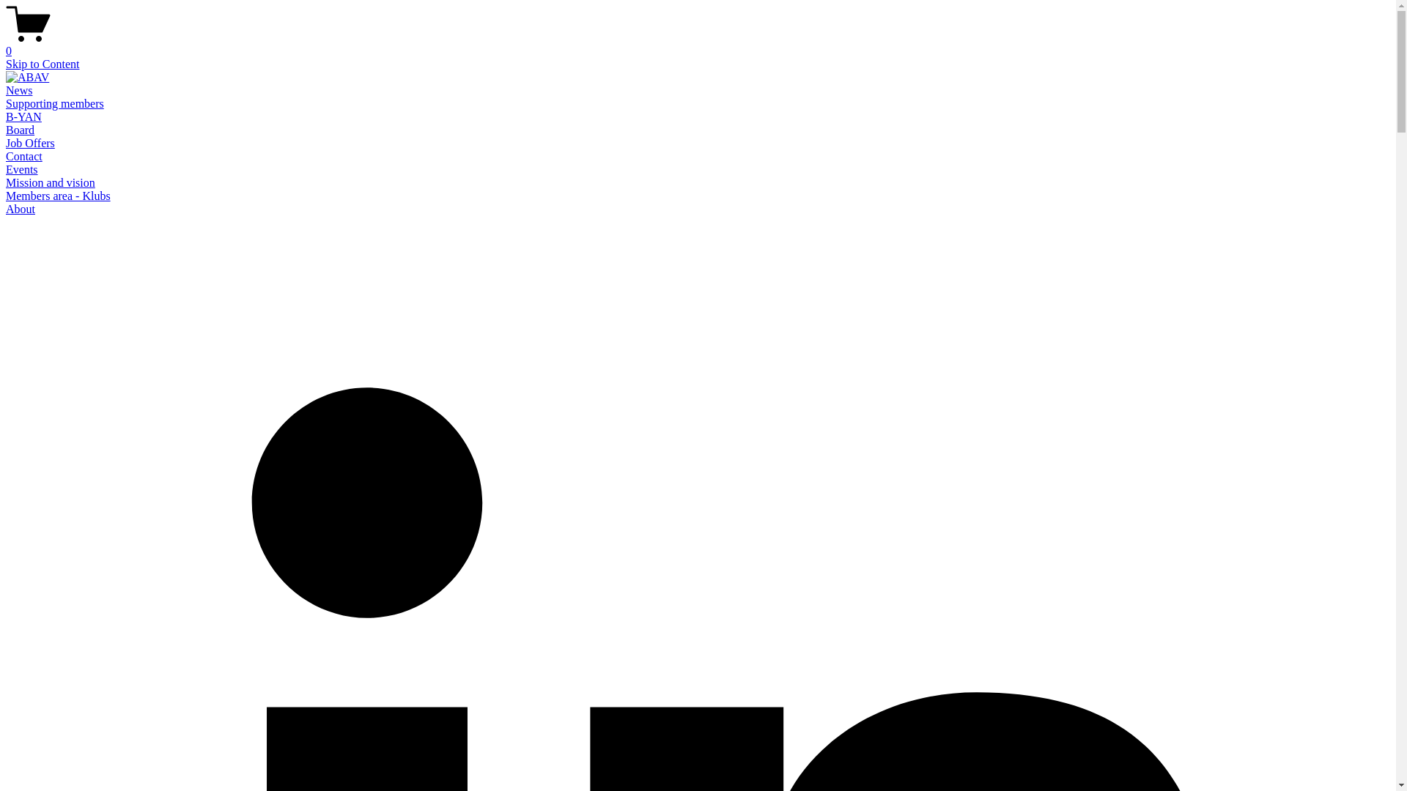 This screenshot has width=1407, height=791. I want to click on 'Contact', so click(6, 156).